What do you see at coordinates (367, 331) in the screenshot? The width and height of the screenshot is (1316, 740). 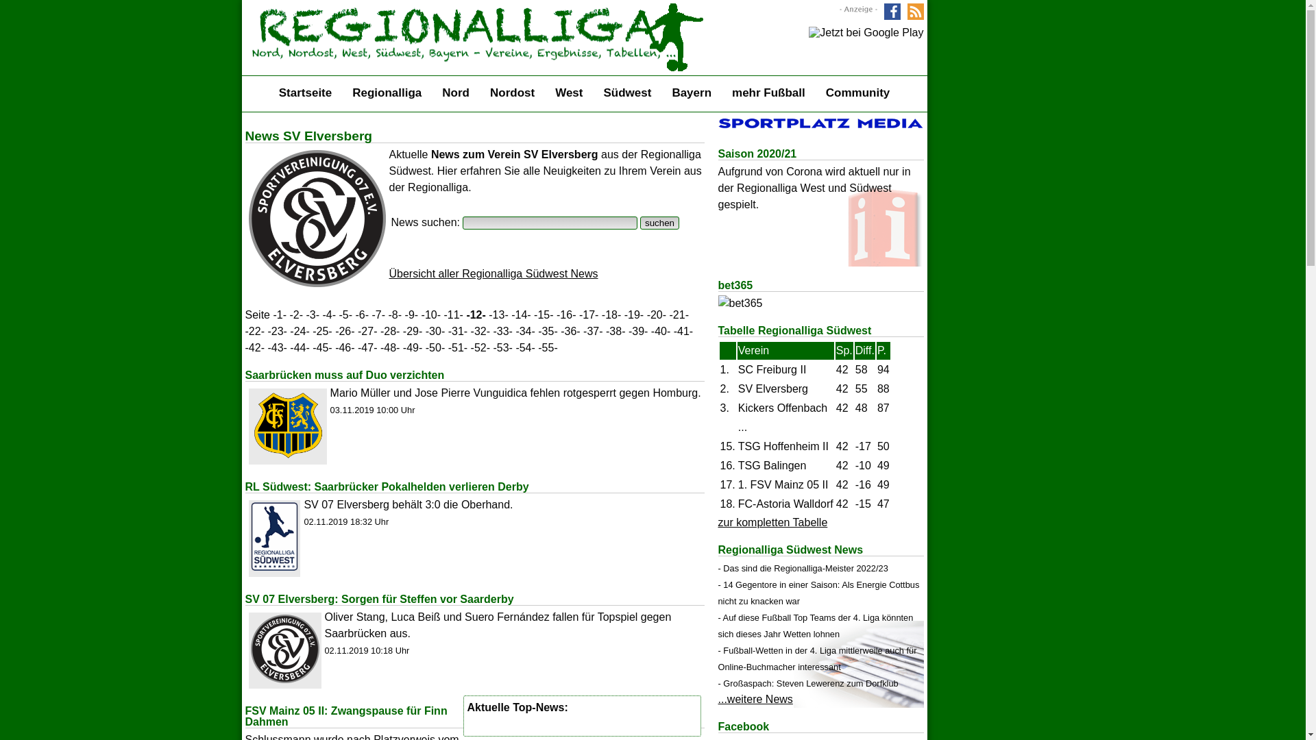 I see `'-27-'` at bounding box center [367, 331].